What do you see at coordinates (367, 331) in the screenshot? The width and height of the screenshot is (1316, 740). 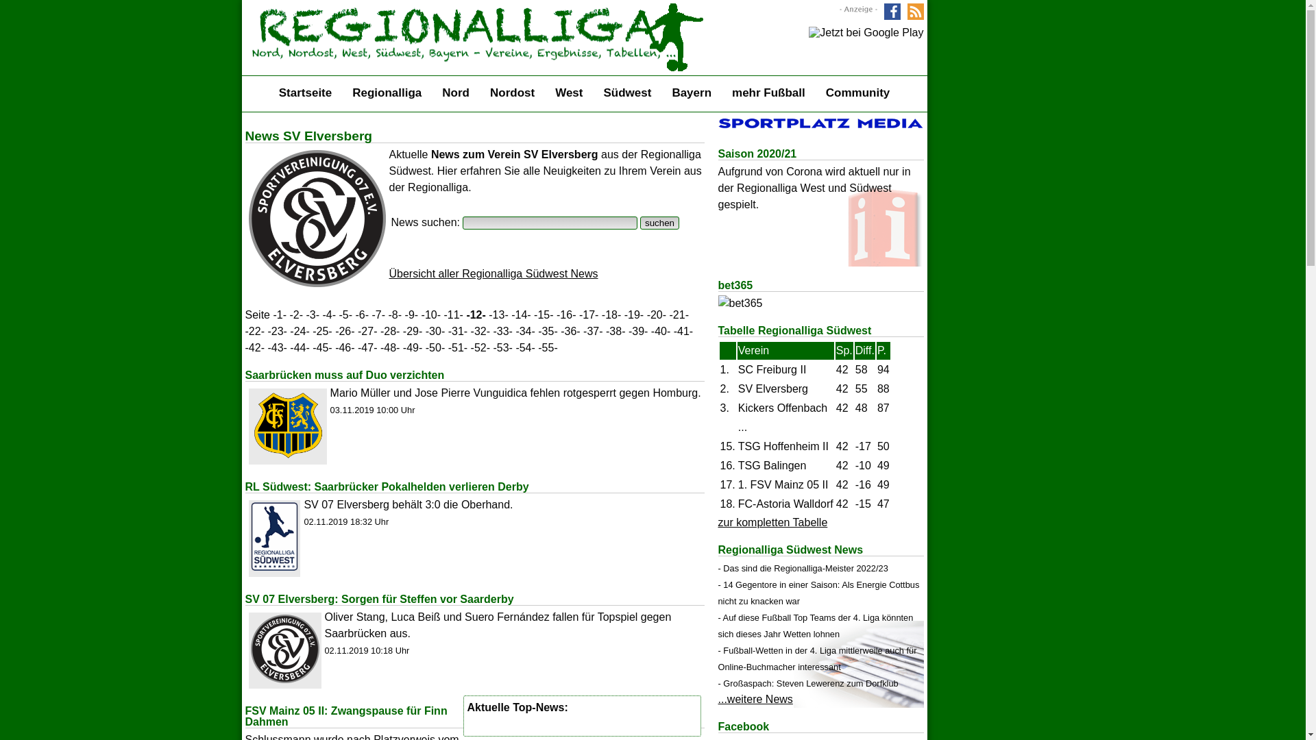 I see `'-27-'` at bounding box center [367, 331].